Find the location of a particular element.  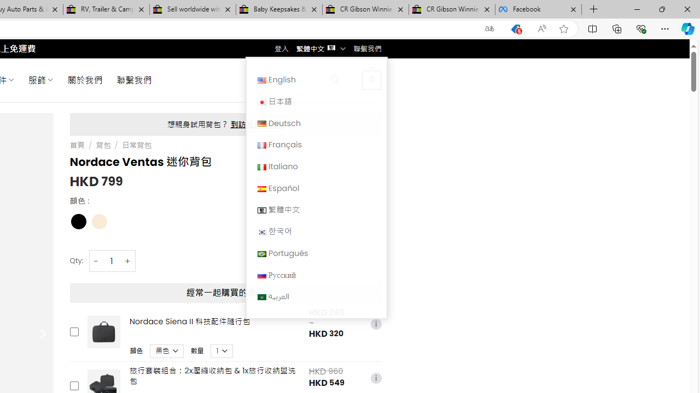

'Facebook' is located at coordinates (538, 9).